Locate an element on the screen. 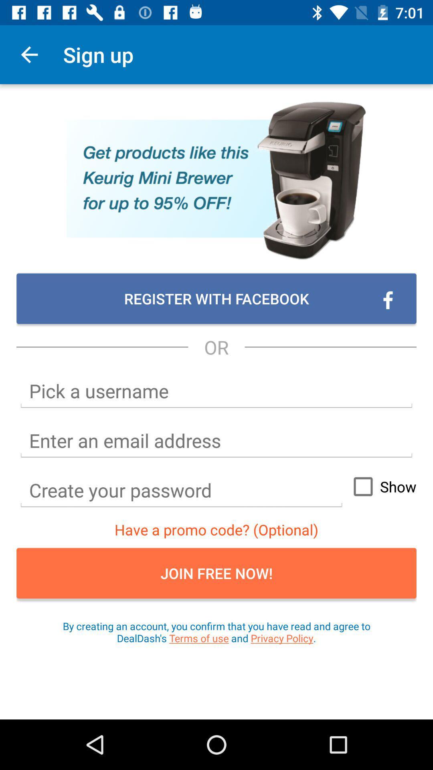 This screenshot has height=770, width=433. icon above the by creating an item is located at coordinates (216, 573).